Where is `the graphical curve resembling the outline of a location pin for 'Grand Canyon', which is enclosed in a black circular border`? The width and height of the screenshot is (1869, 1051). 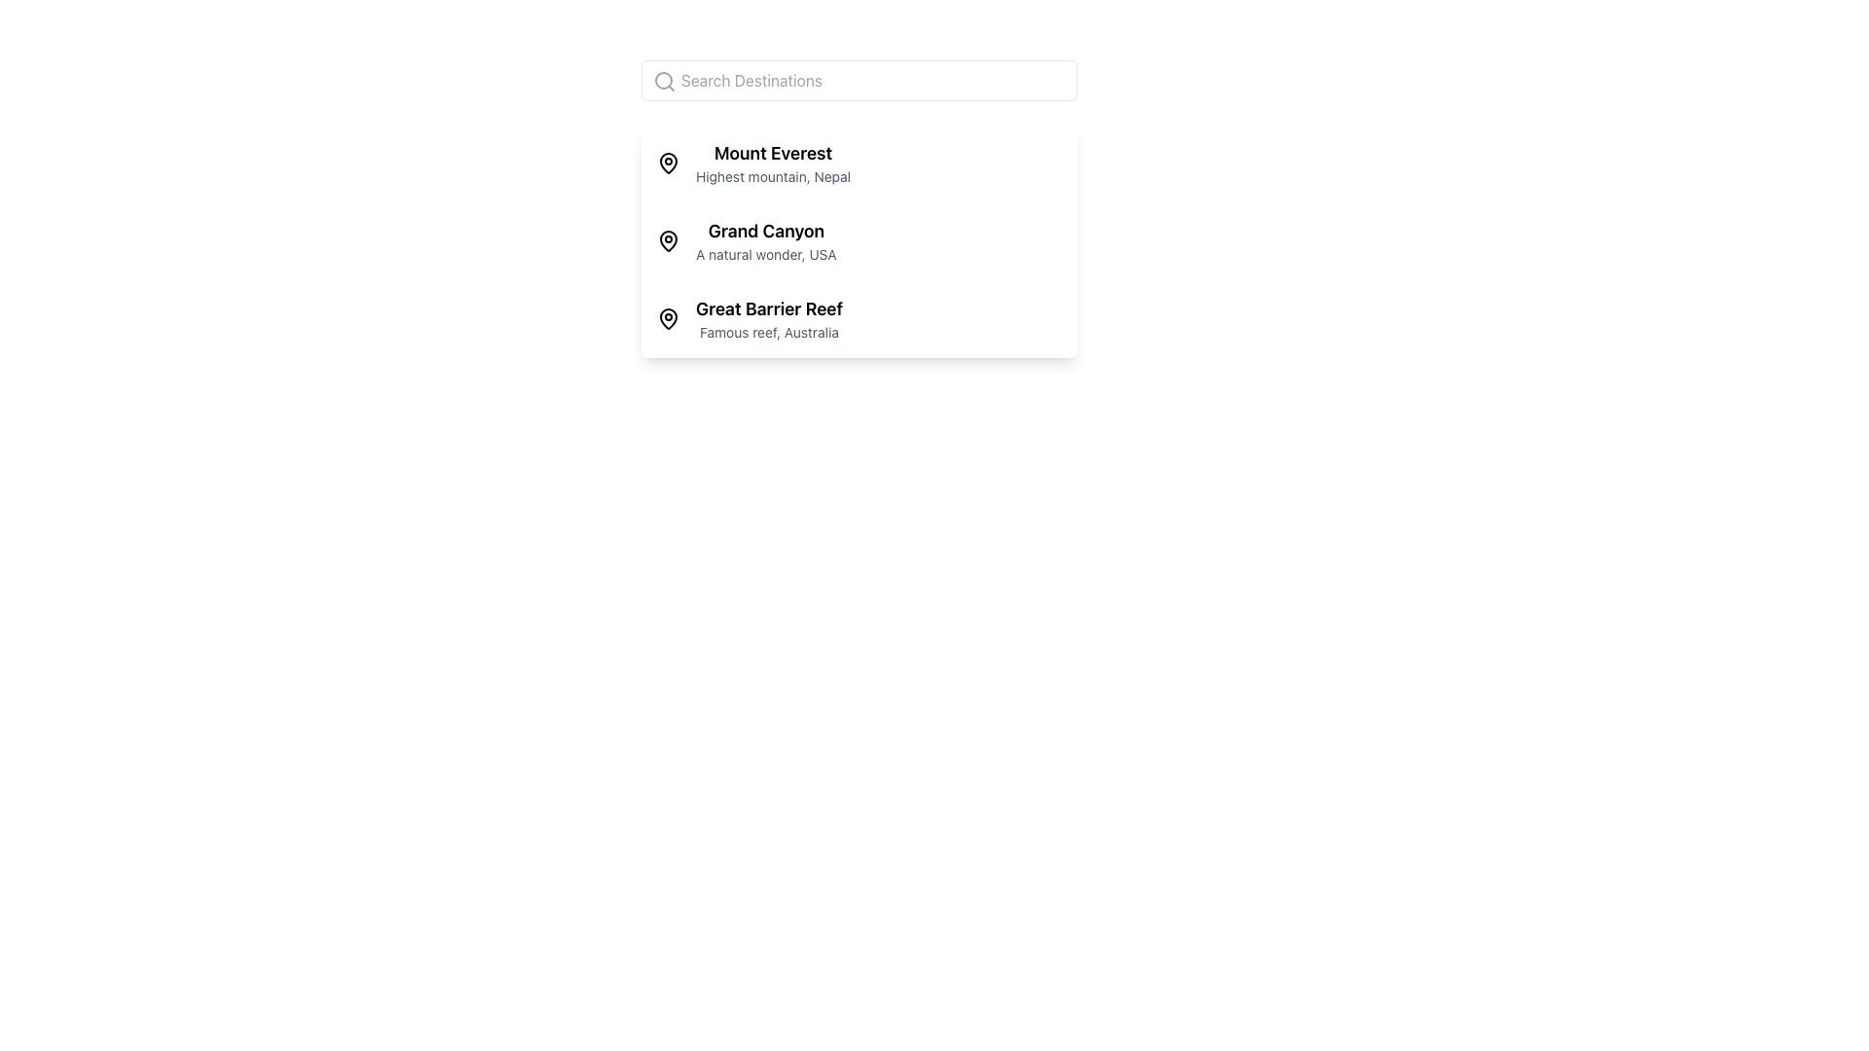 the graphical curve resembling the outline of a location pin for 'Grand Canyon', which is enclosed in a black circular border is located at coordinates (668, 238).